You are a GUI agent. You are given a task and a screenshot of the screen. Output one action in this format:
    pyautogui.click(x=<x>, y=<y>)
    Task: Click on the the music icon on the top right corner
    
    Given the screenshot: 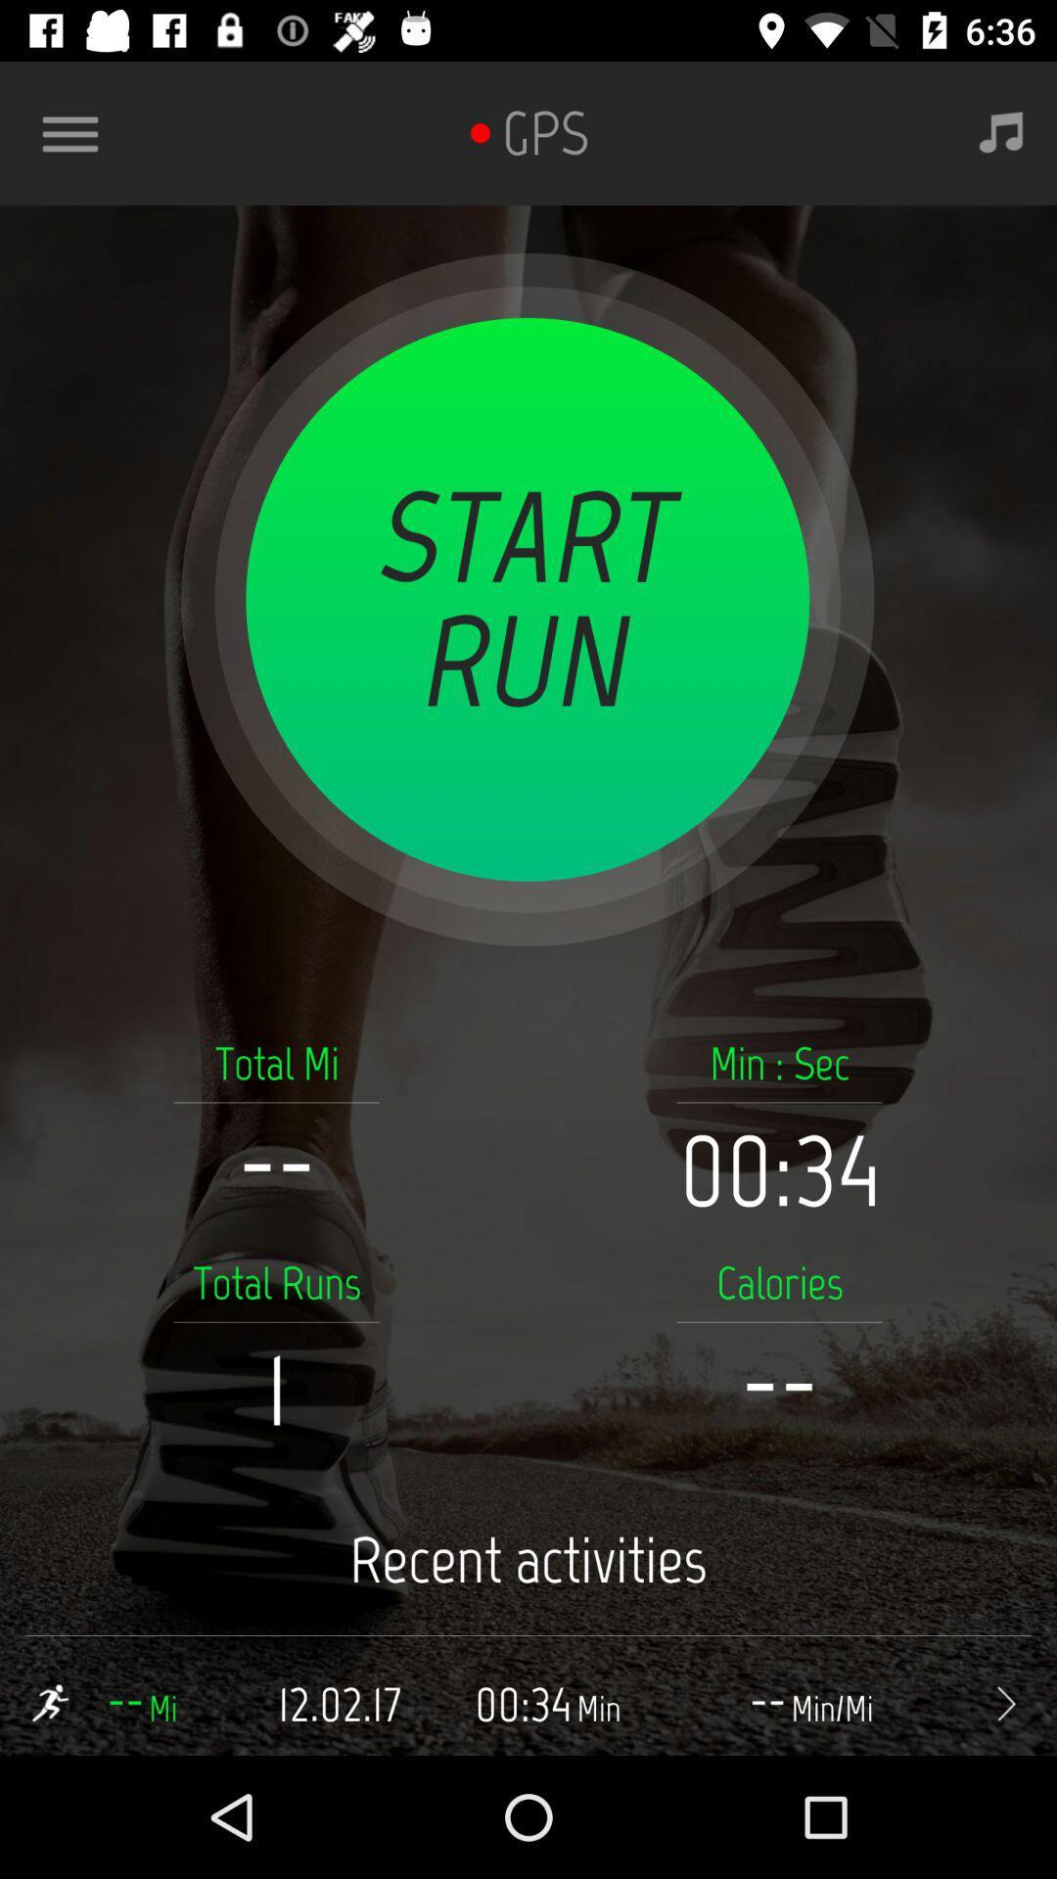 What is the action you would take?
    pyautogui.click(x=1001, y=132)
    